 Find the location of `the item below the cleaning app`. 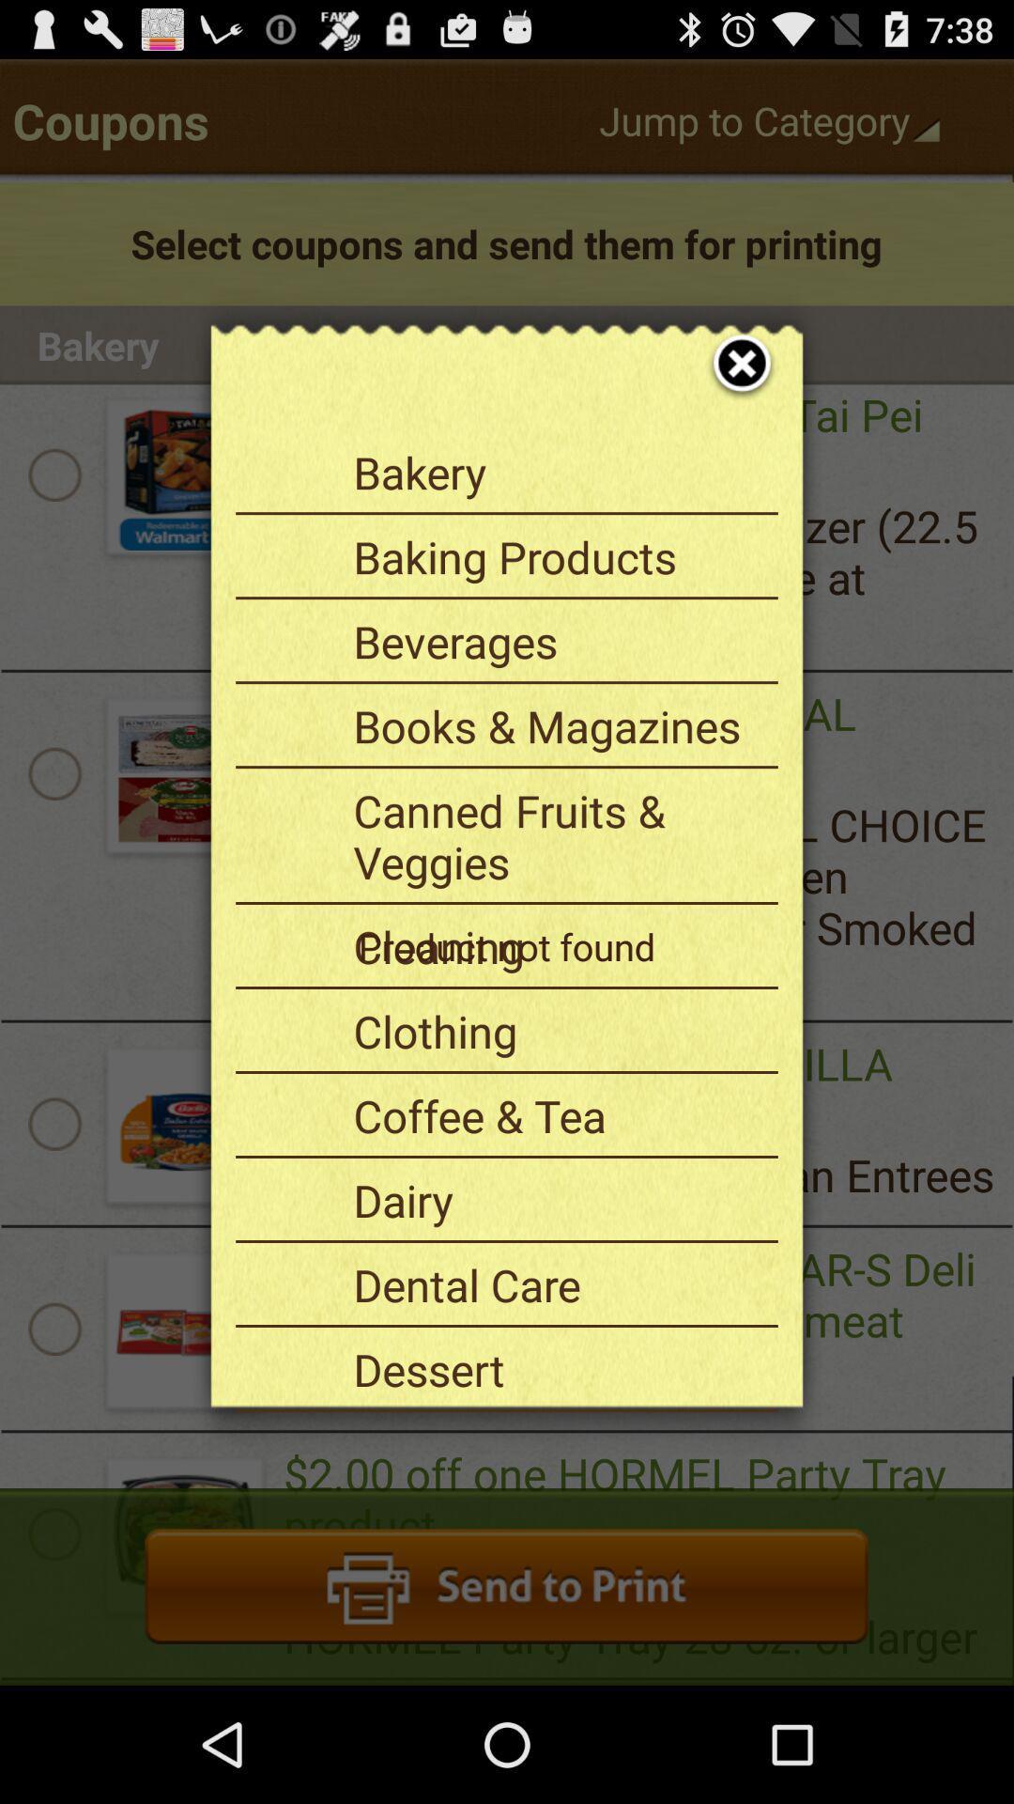

the item below the cleaning app is located at coordinates (558, 1030).